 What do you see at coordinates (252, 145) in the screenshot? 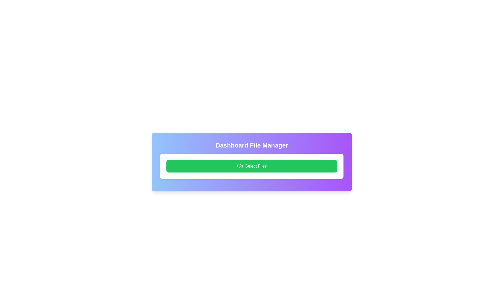
I see `the header text indicating the purpose of the page related to file management, which is positioned at the top of a section with rounded corners and a gradient background` at bounding box center [252, 145].